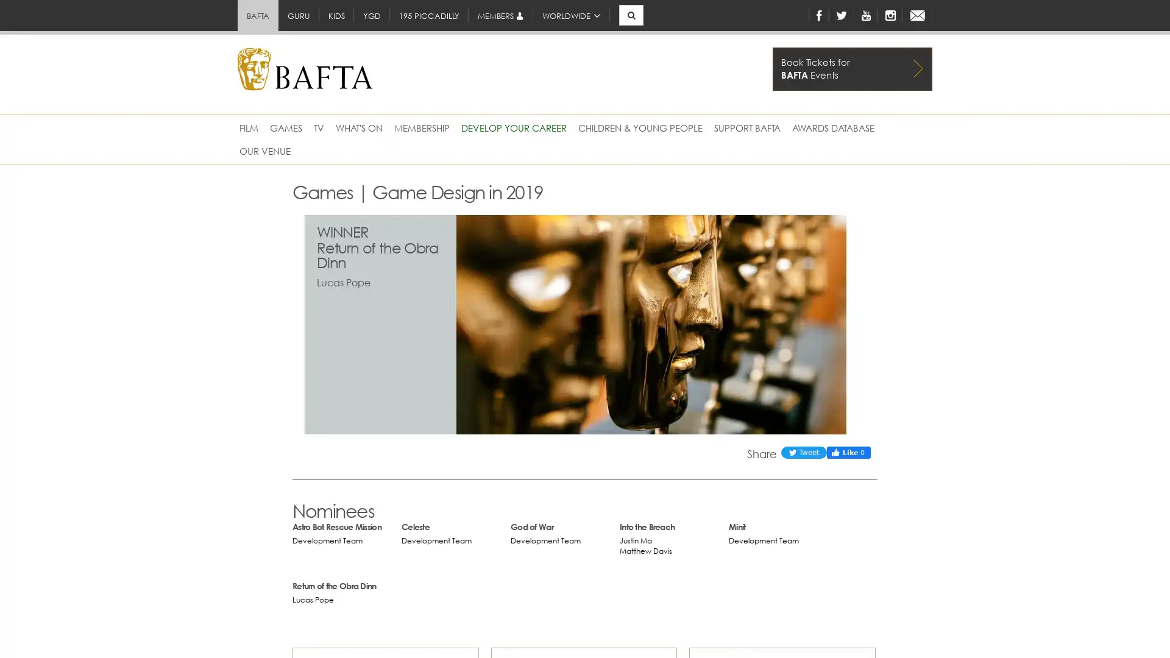 The width and height of the screenshot is (1170, 658). I want to click on Search, so click(618, 29).